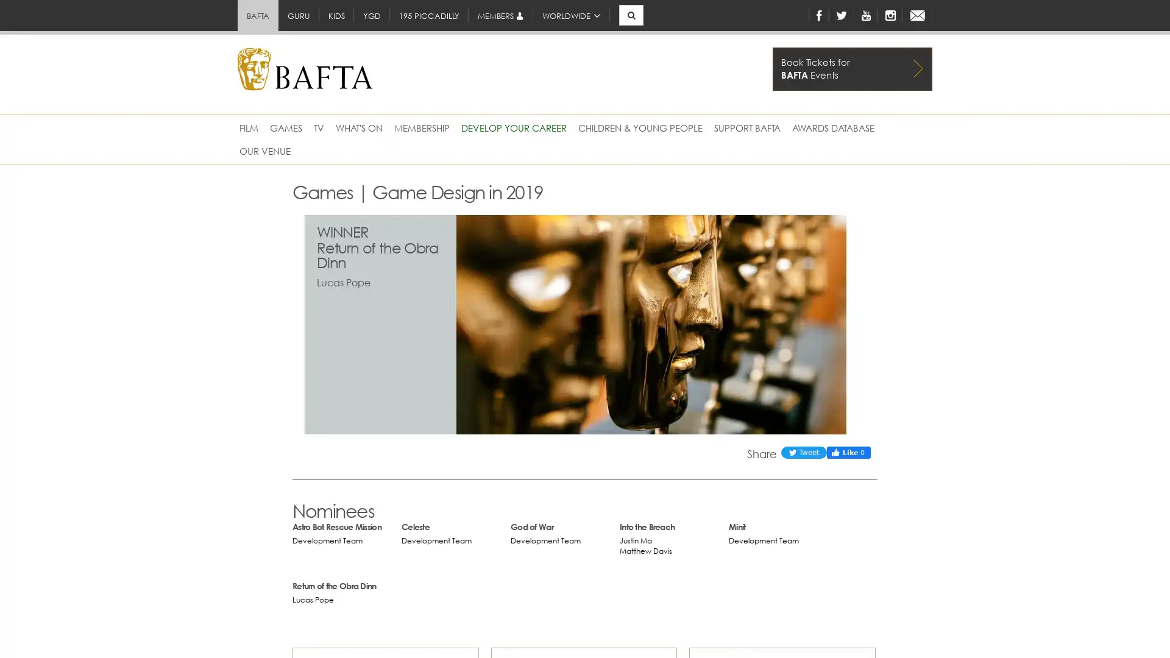 The width and height of the screenshot is (1170, 658). I want to click on Search, so click(618, 29).